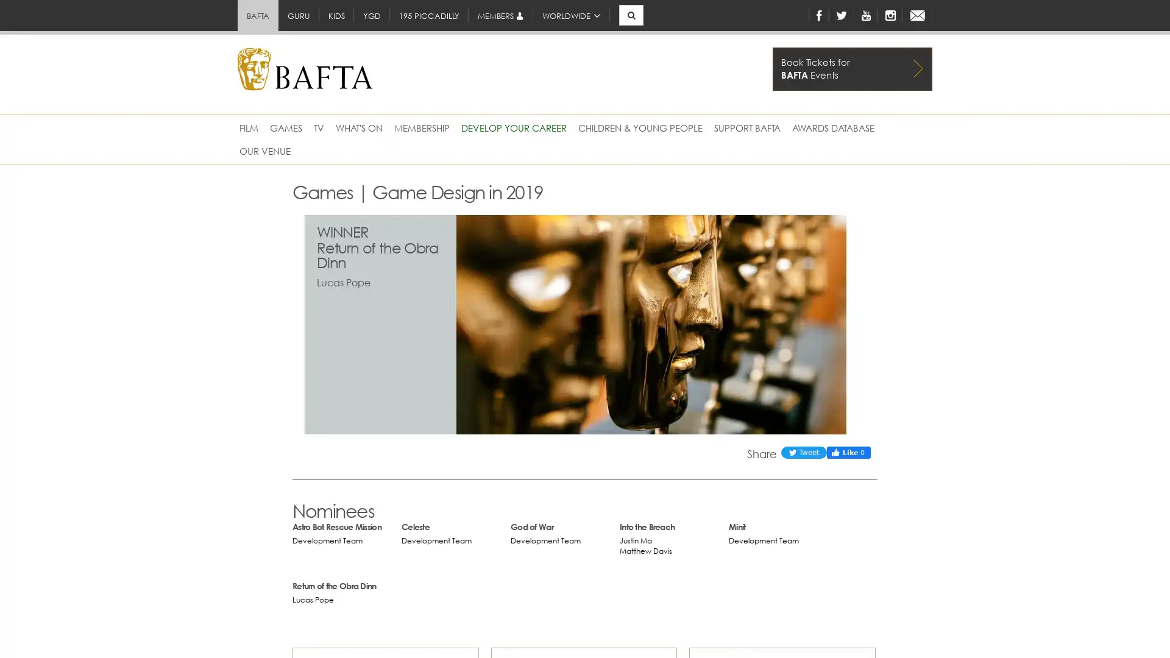 The width and height of the screenshot is (1170, 658). I want to click on Search, so click(618, 29).